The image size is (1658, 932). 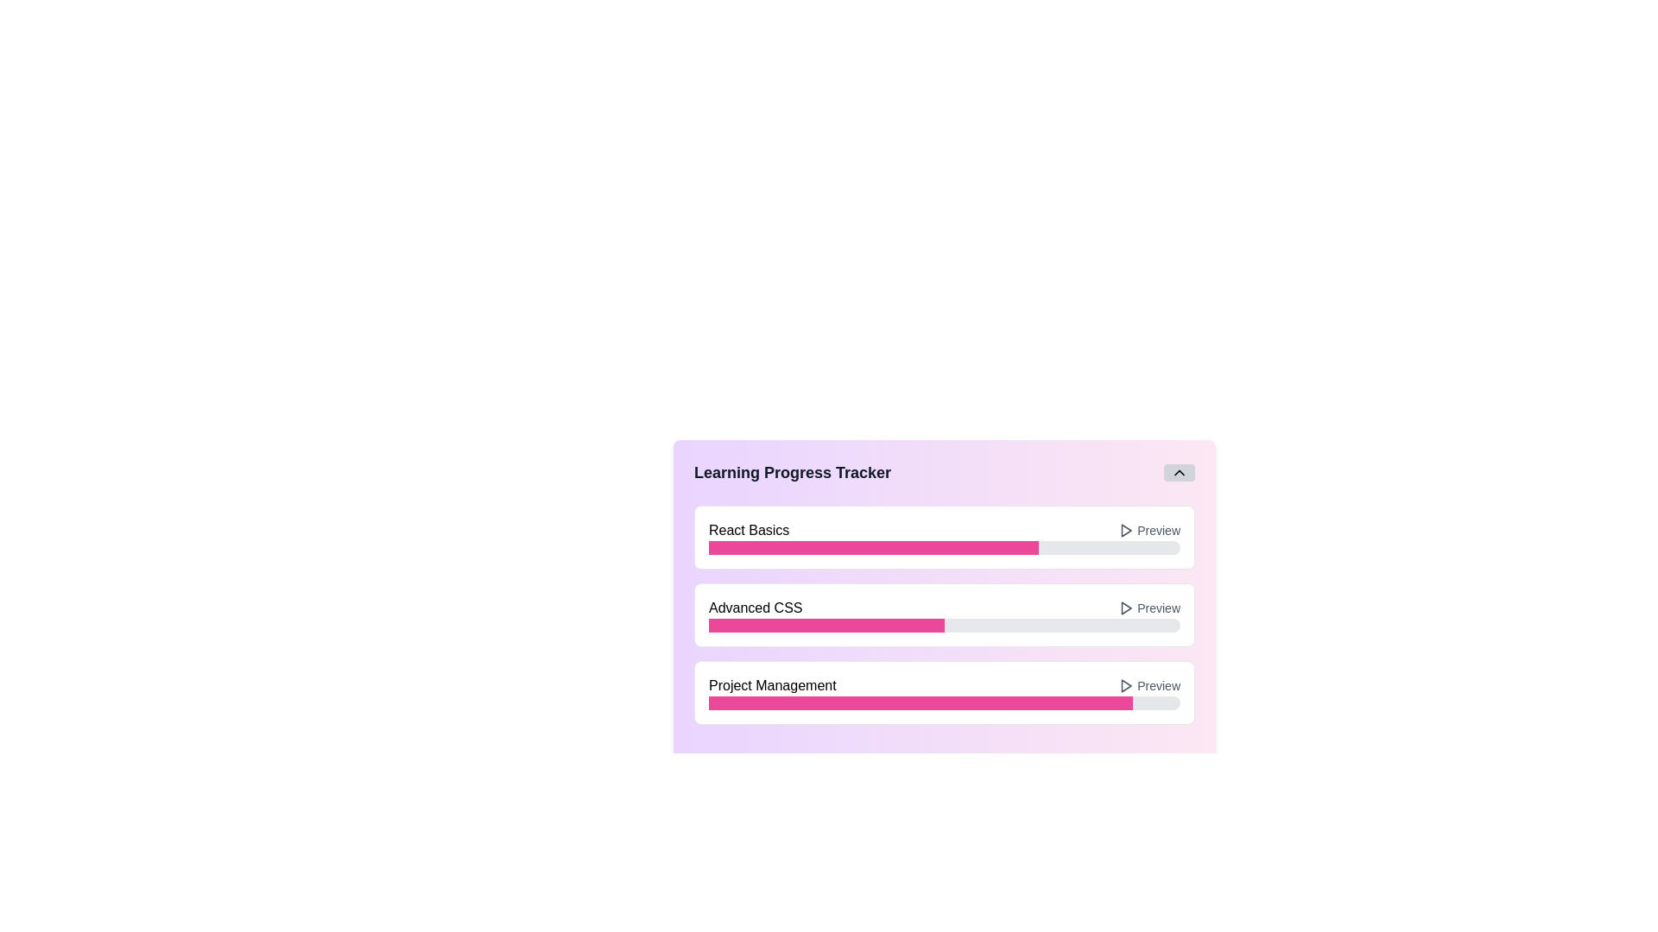 I want to click on the 'Preview' button with a play icon located in the bottom row of the 'Project Management' section, so click(x=1149, y=684).